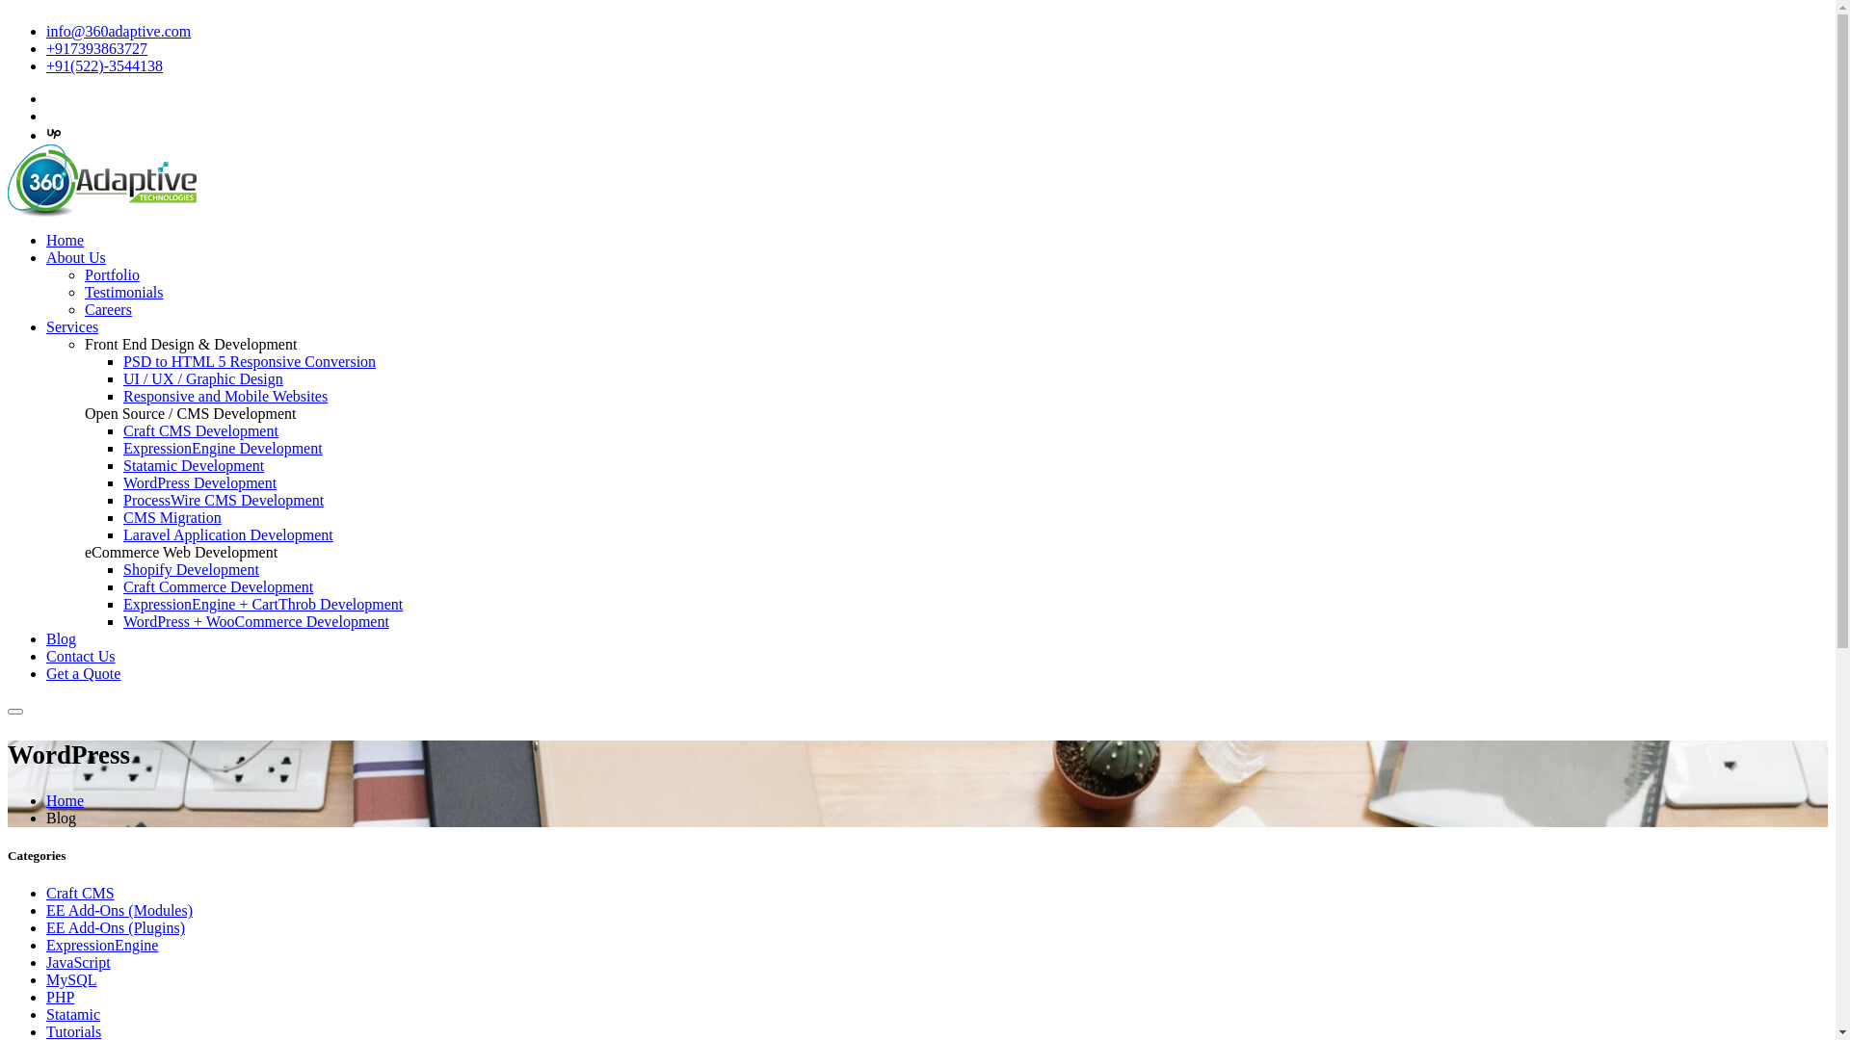  What do you see at coordinates (79, 655) in the screenshot?
I see `'Contact Us'` at bounding box center [79, 655].